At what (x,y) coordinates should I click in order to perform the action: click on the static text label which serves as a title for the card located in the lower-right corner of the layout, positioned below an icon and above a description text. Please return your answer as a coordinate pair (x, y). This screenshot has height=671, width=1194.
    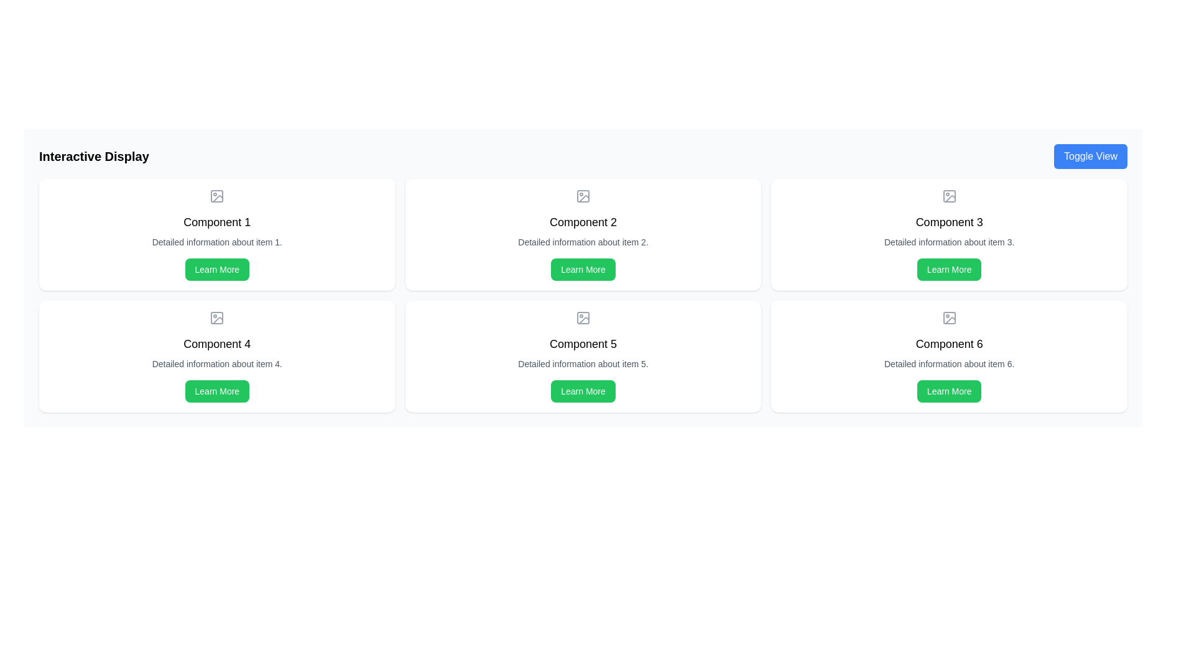
    Looking at the image, I should click on (948, 344).